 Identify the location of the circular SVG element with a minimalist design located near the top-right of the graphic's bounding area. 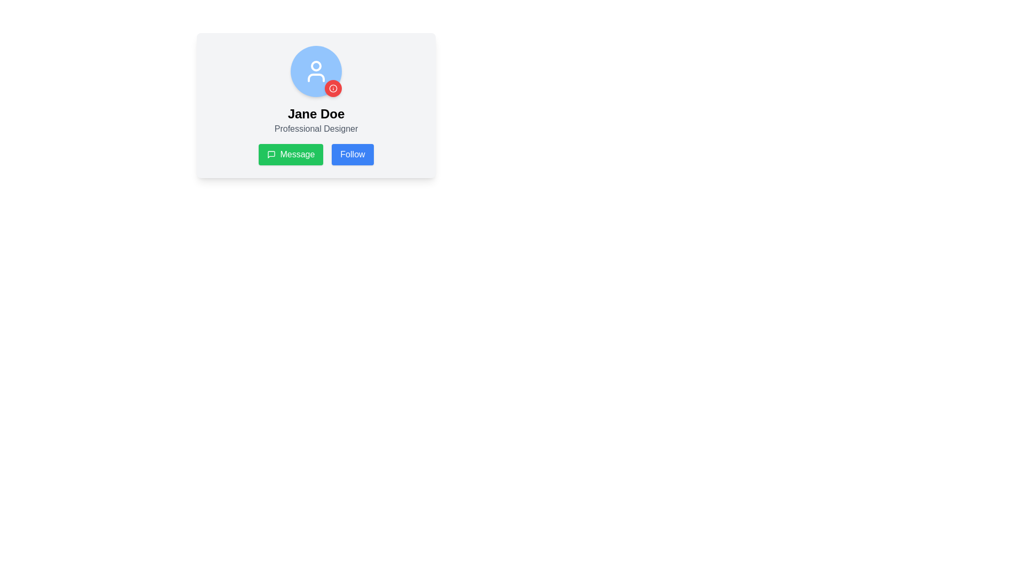
(332, 87).